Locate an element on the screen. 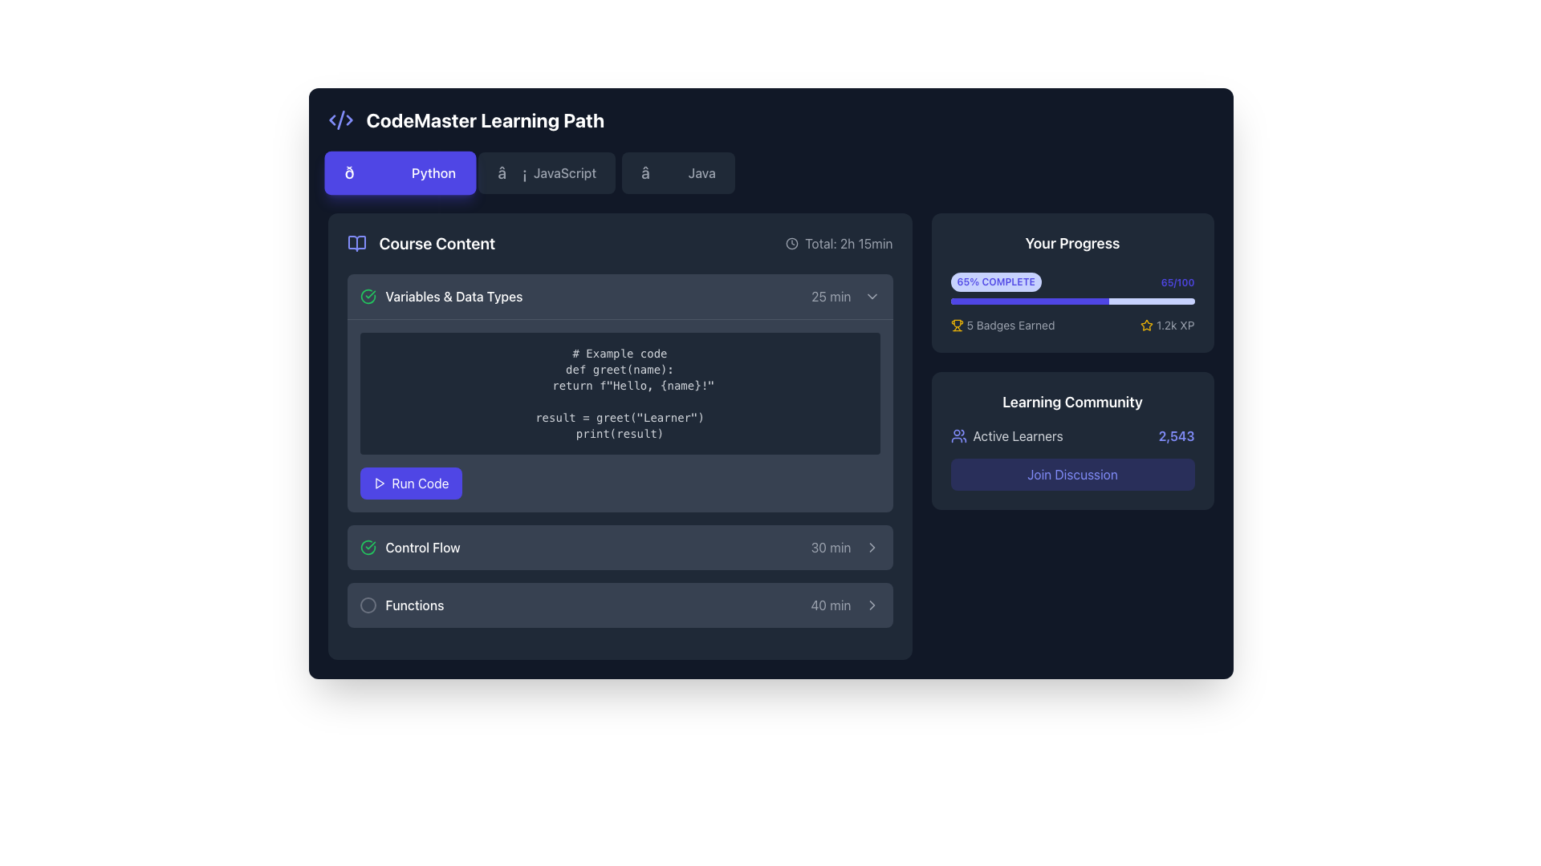  the icon indicating that the topic 'Variables & Data Types' has been completed, located to the left of the text within the course content section is located at coordinates (367, 297).